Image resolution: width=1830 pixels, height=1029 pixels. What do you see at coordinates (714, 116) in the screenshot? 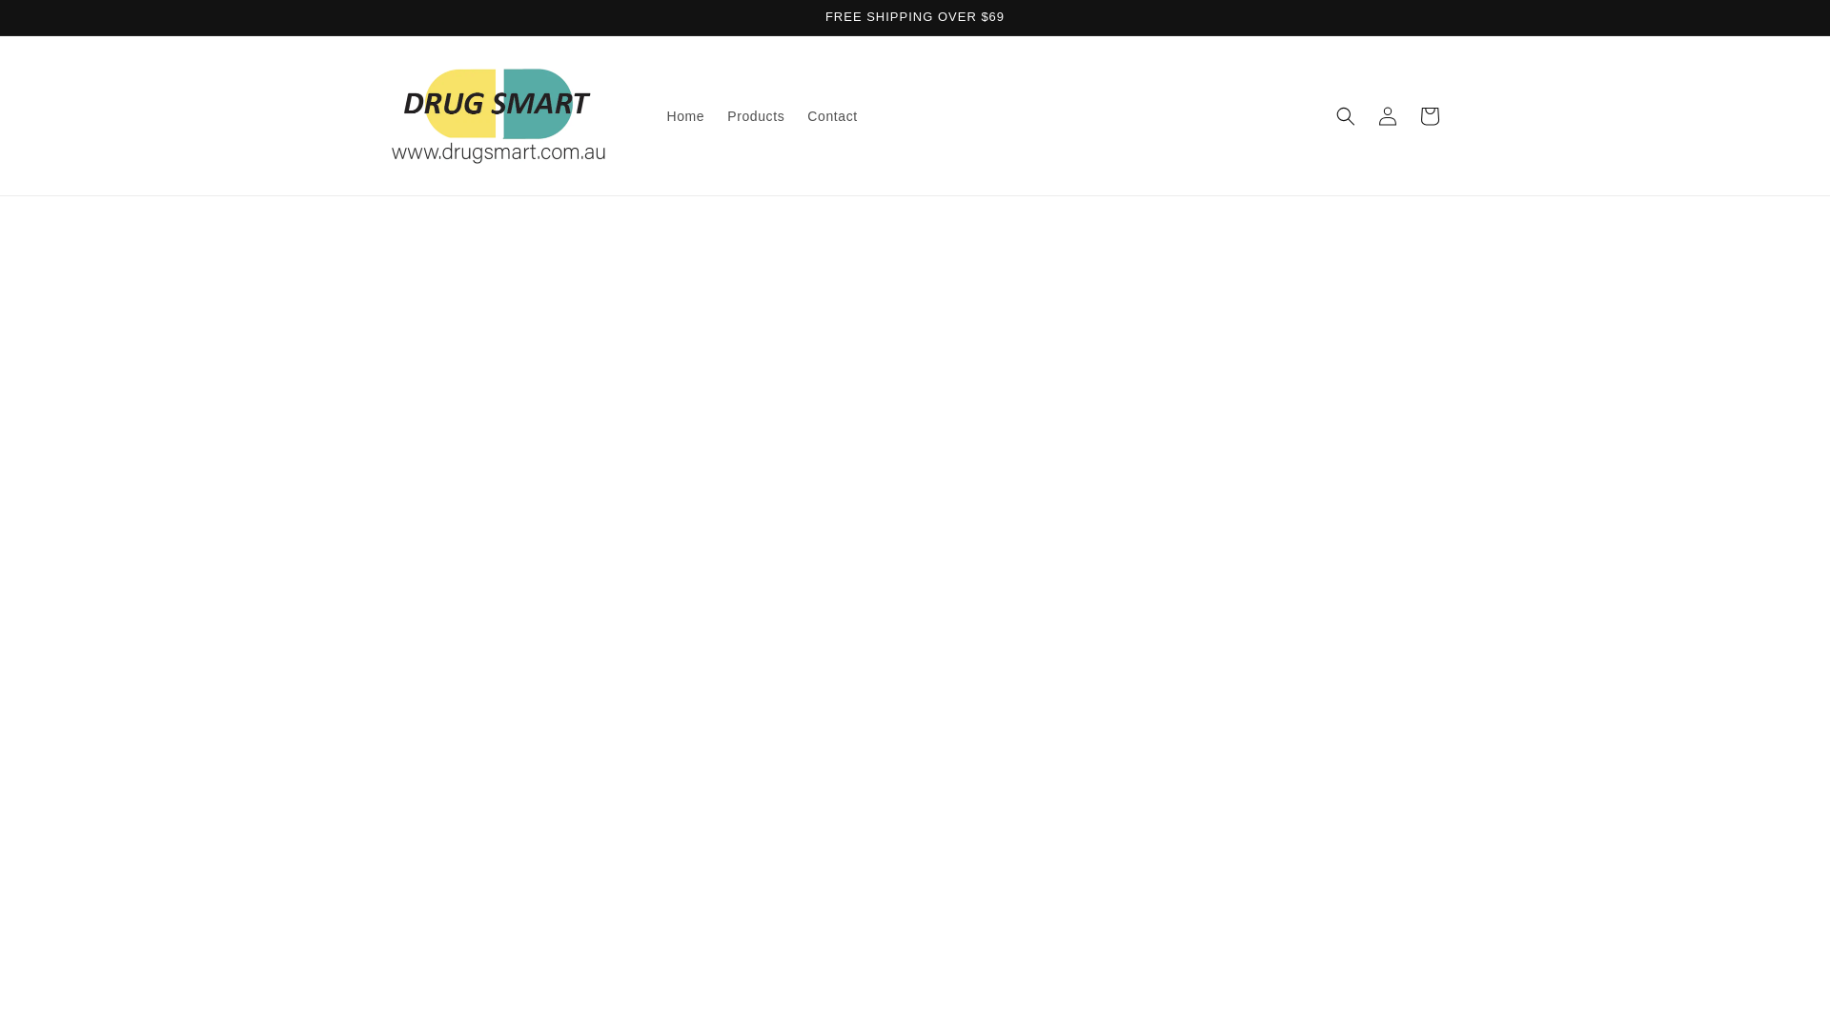
I see `'Products'` at bounding box center [714, 116].